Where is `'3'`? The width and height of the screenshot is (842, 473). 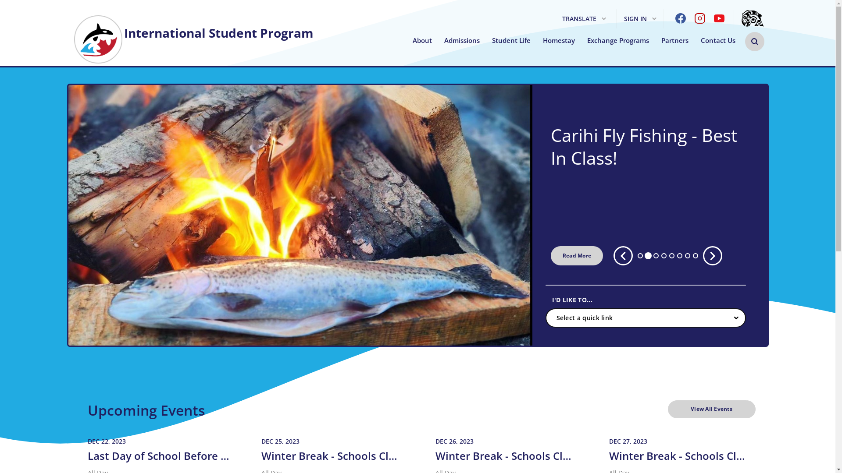 '3' is located at coordinates (656, 255).